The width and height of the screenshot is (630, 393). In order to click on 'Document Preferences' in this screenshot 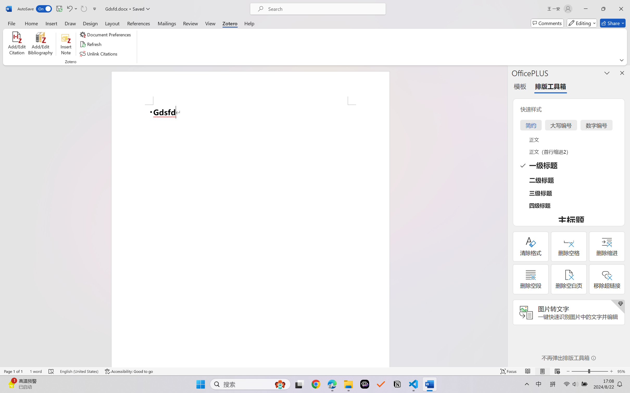, I will do `click(106, 34)`.